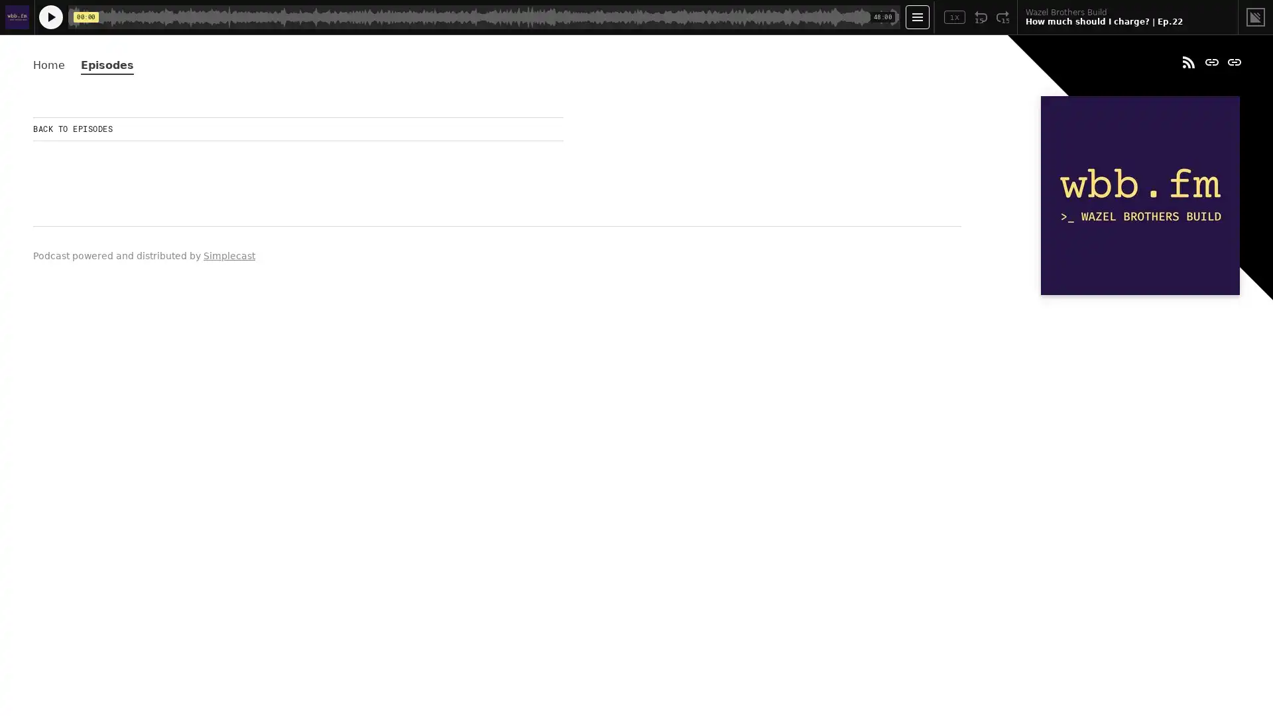 Image resolution: width=1273 pixels, height=716 pixels. Describe the element at coordinates (981, 17) in the screenshot. I see `Rewind 15 Seconds` at that location.